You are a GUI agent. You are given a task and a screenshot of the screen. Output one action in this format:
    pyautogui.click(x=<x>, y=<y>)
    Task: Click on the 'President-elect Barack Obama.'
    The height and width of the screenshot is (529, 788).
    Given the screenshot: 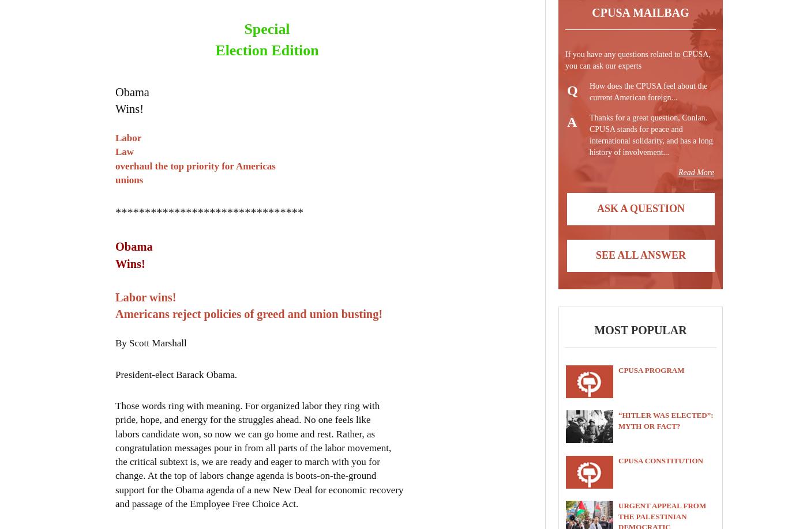 What is the action you would take?
    pyautogui.click(x=114, y=373)
    